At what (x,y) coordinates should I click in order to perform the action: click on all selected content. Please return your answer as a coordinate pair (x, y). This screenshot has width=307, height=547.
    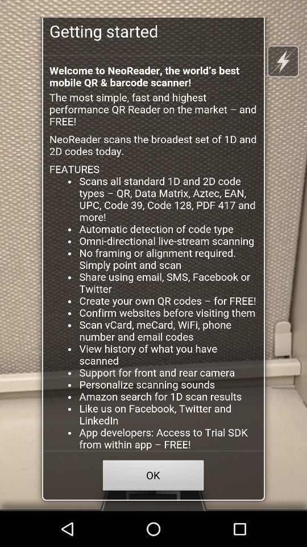
    Looking at the image, I should click on (153, 253).